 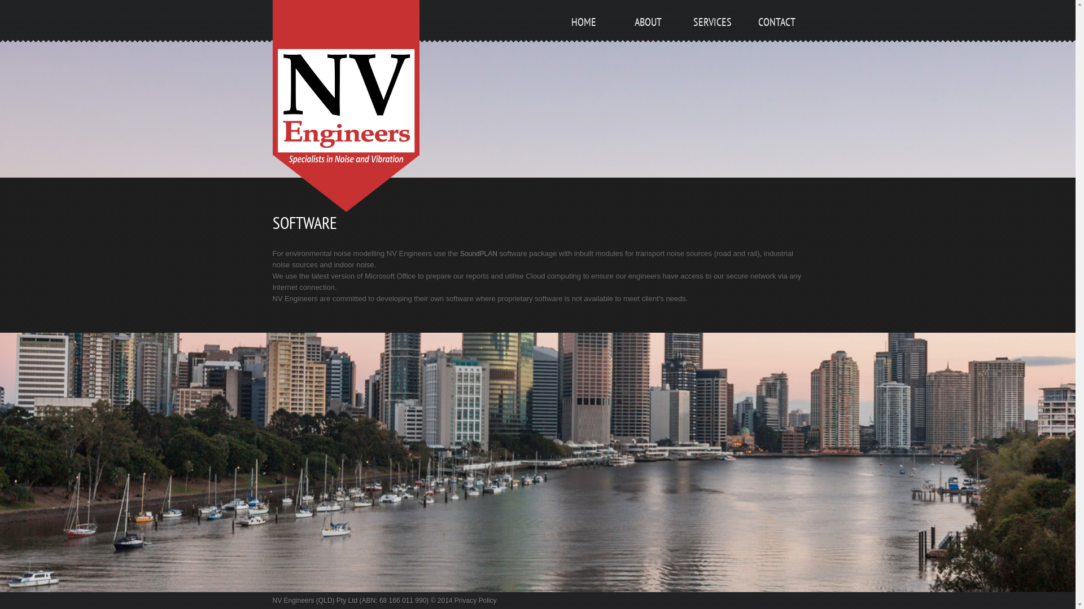 I want to click on 'HOME', so click(x=583, y=35).